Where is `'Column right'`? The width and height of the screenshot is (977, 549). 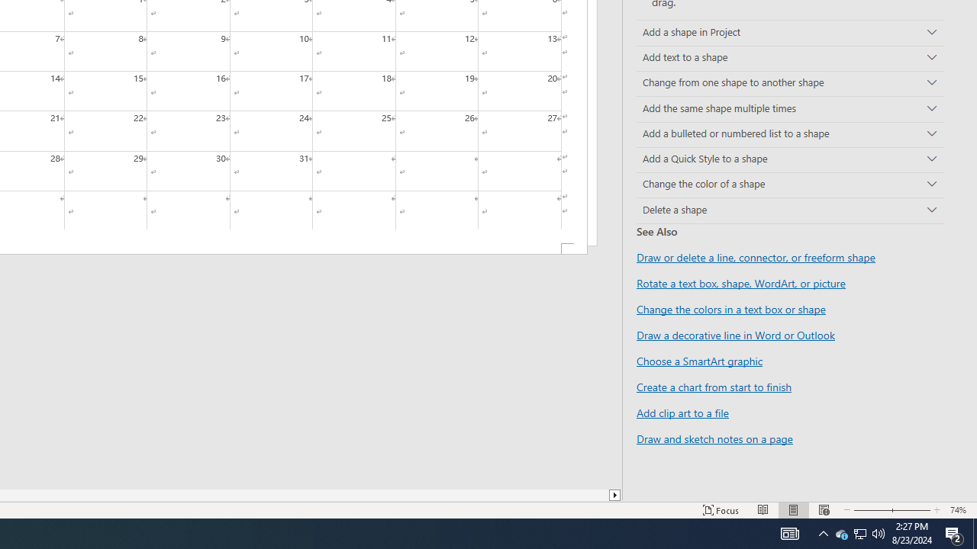
'Column right' is located at coordinates (615, 495).